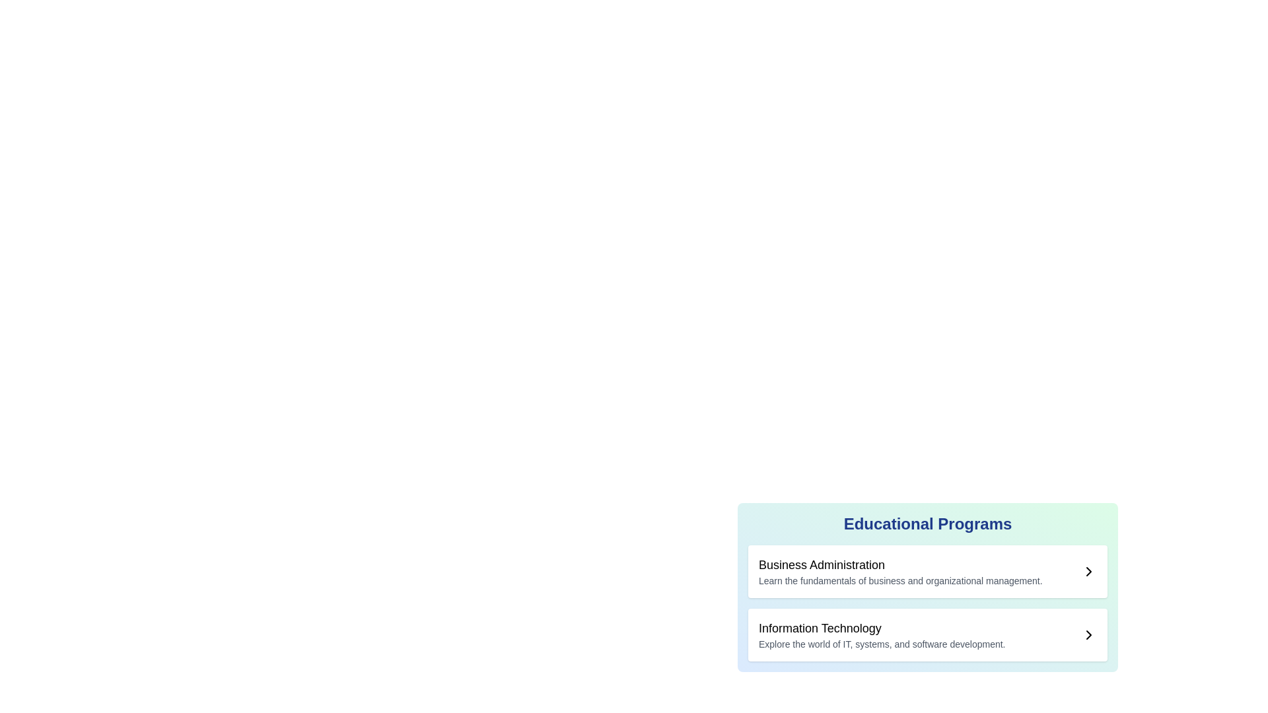 The height and width of the screenshot is (713, 1268). What do you see at coordinates (1089, 634) in the screenshot?
I see `the icon located at the far right end of the 'Information Technology' section in the 'Educational Programs' list` at bounding box center [1089, 634].